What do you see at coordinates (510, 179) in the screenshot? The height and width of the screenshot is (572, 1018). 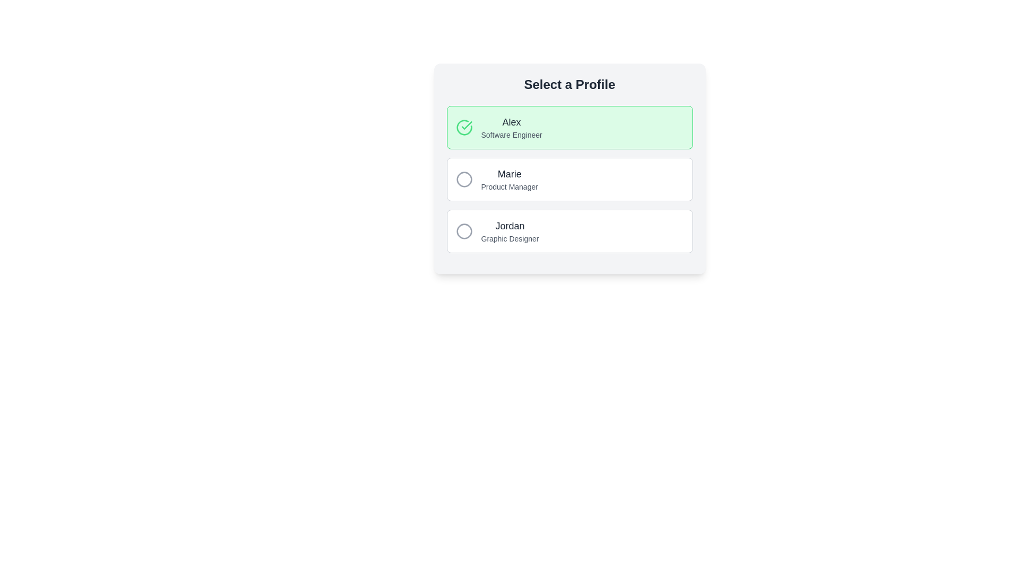 I see `the label displaying the name 'Marie' and designation 'Product Manager' located in the second profile card` at bounding box center [510, 179].